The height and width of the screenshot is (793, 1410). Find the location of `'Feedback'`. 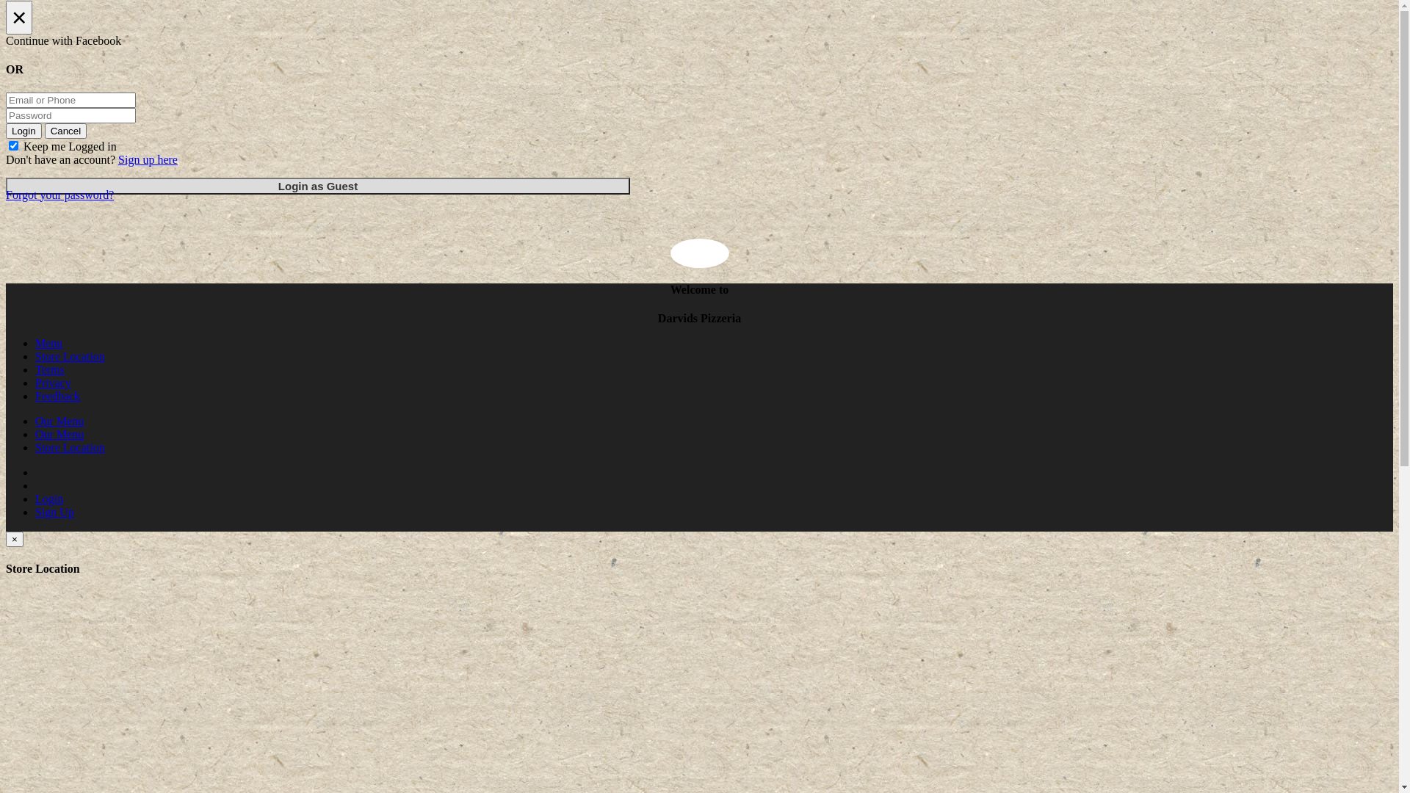

'Feedback' is located at coordinates (57, 395).